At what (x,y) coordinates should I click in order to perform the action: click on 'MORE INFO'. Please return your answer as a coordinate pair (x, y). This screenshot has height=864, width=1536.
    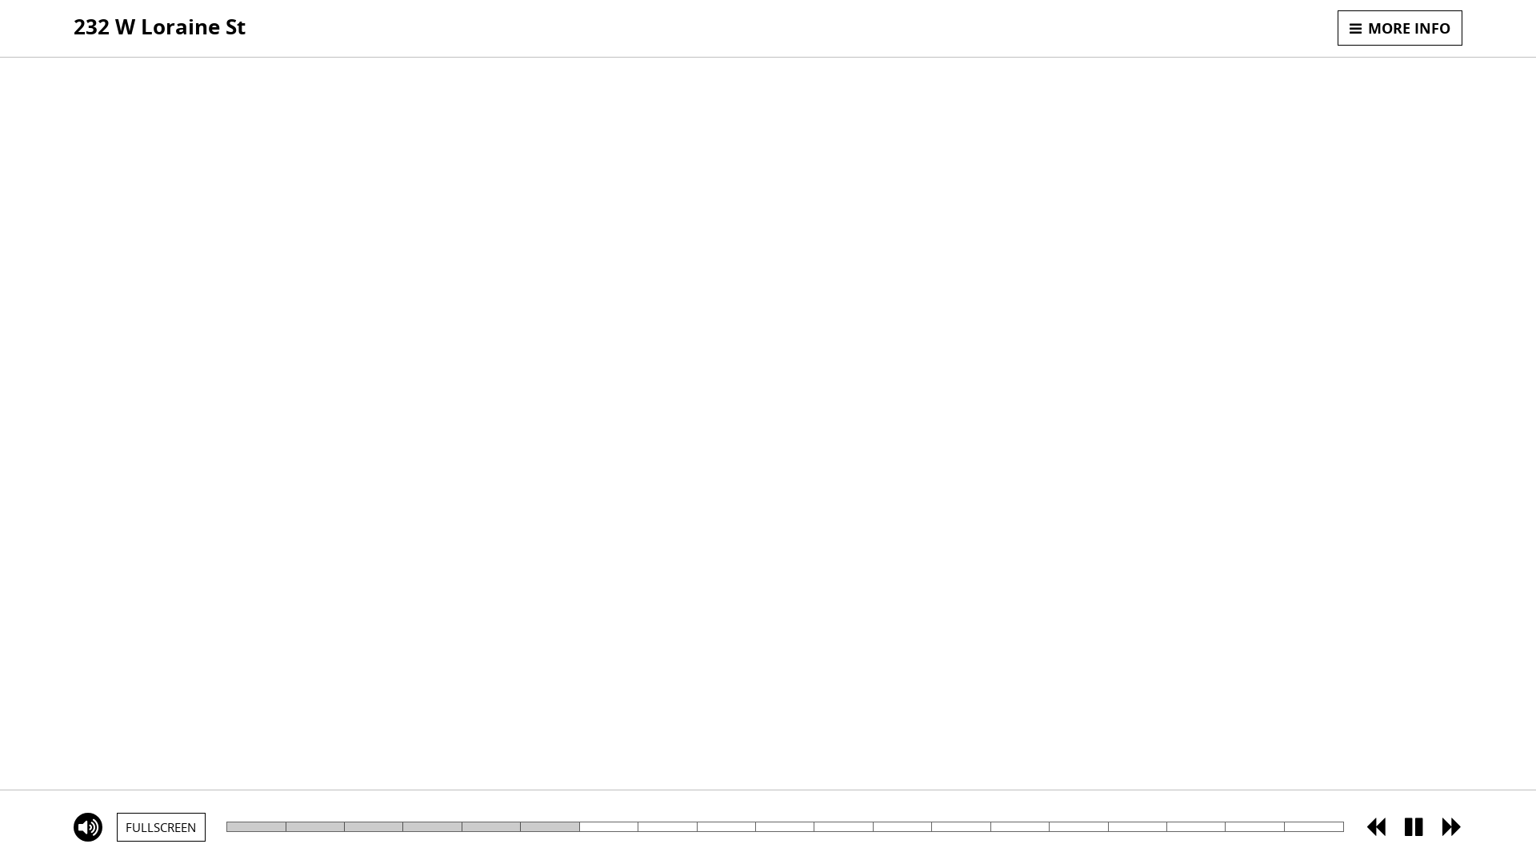
    Looking at the image, I should click on (1399, 27).